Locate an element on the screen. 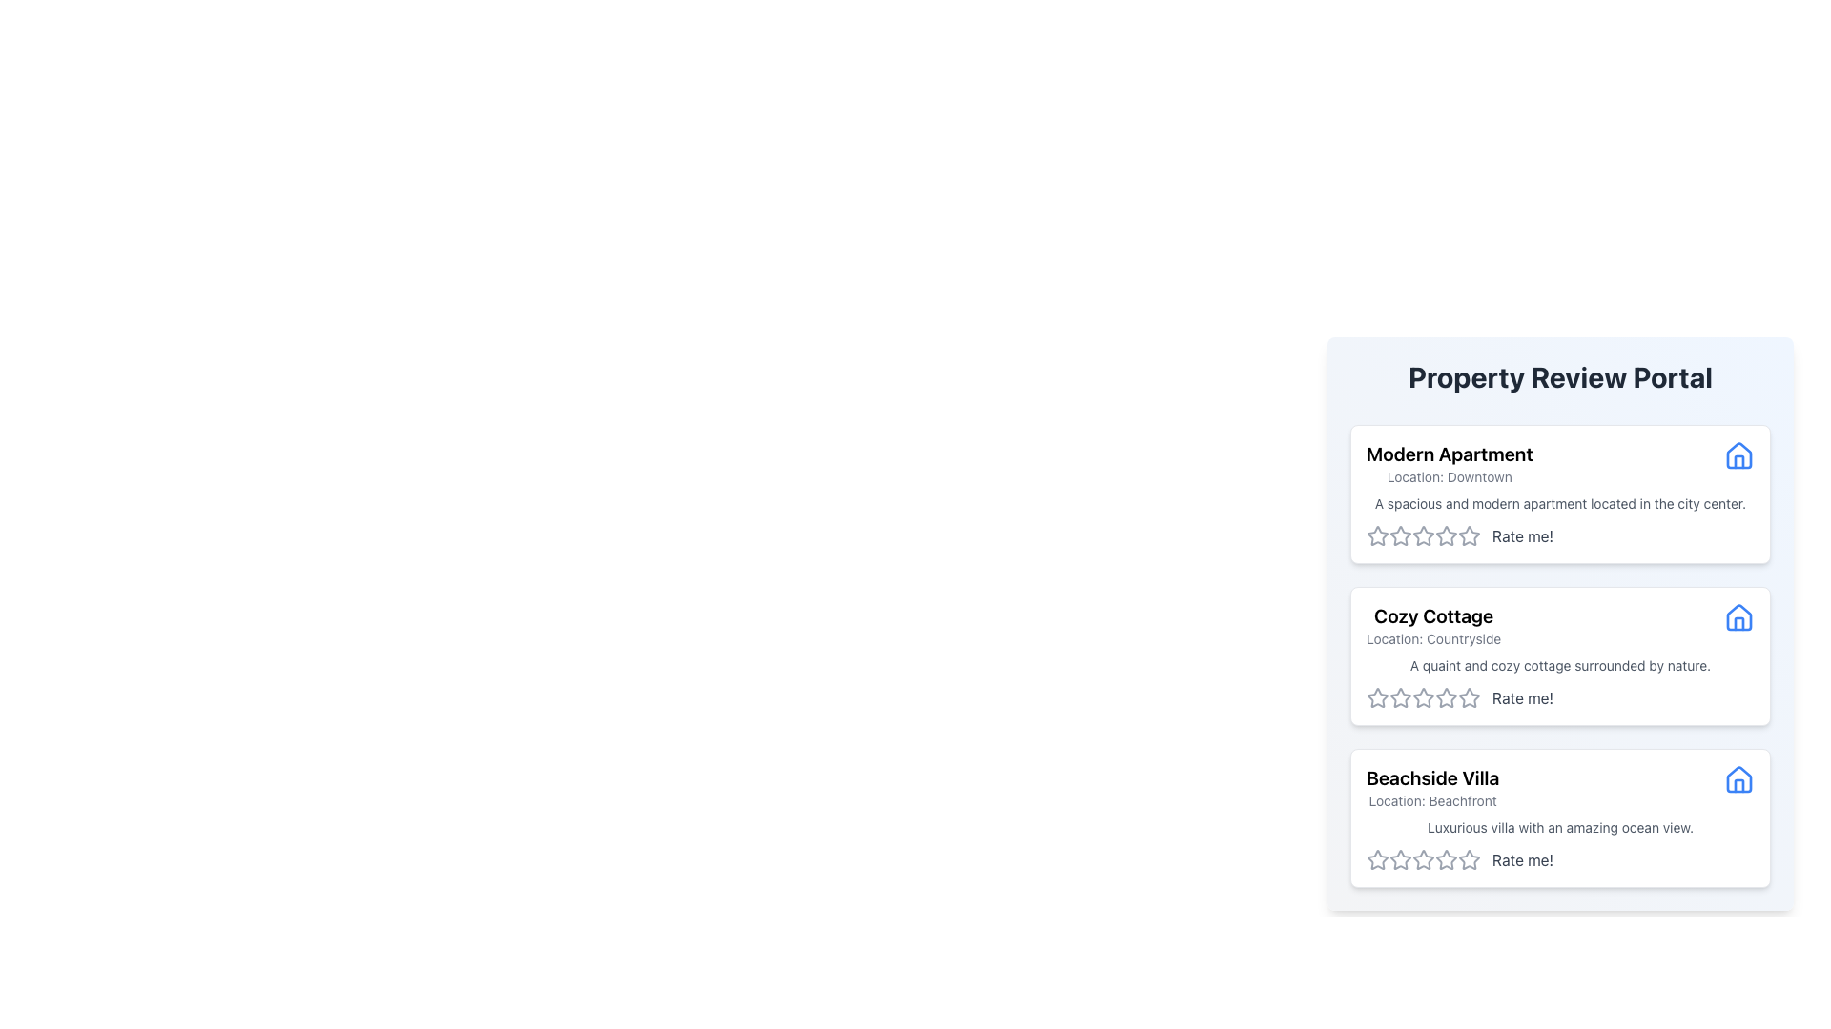 The width and height of the screenshot is (1831, 1029). the third star in the rating bar under the 'Rate me!' label of the 'Cozy Cottage' section is located at coordinates (1423, 697).